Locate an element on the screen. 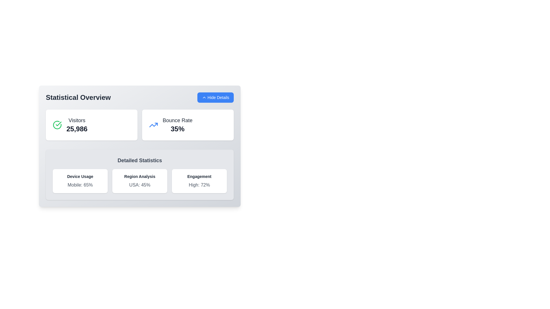  the Informational panel labeled 'Region Analysis' is located at coordinates (140, 181).